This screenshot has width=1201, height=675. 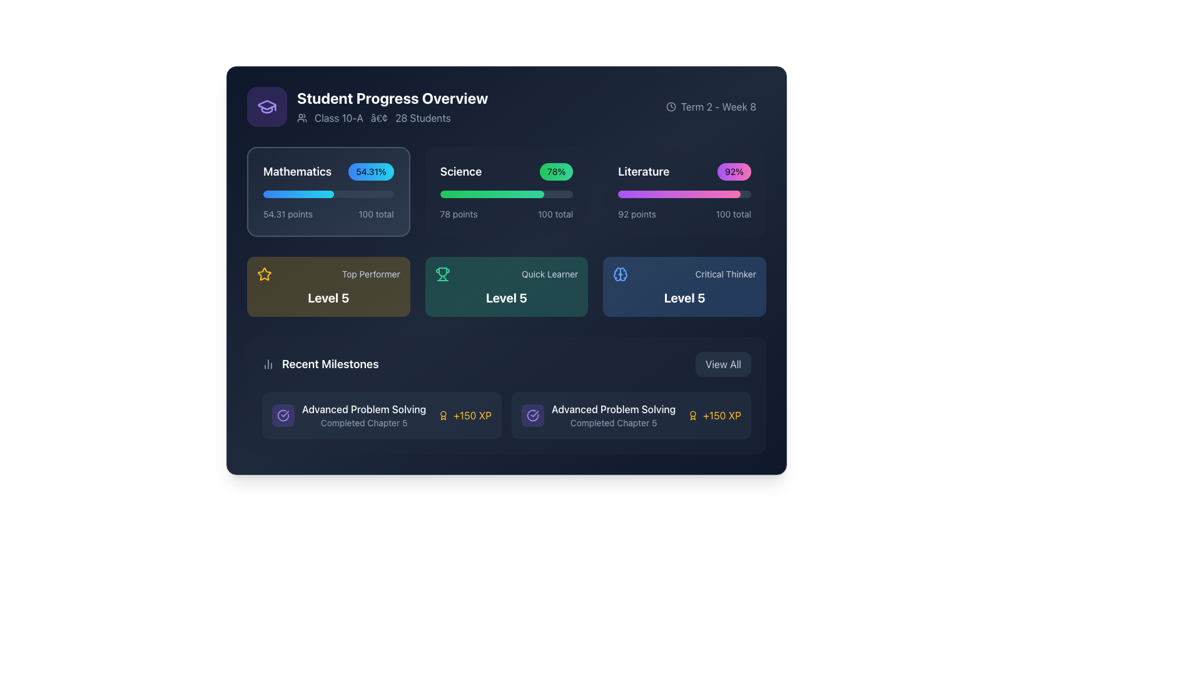 I want to click on the clock icon at the top-right of the interface, adjacent to the 'Term 2 - Week 8' text, so click(x=670, y=106).